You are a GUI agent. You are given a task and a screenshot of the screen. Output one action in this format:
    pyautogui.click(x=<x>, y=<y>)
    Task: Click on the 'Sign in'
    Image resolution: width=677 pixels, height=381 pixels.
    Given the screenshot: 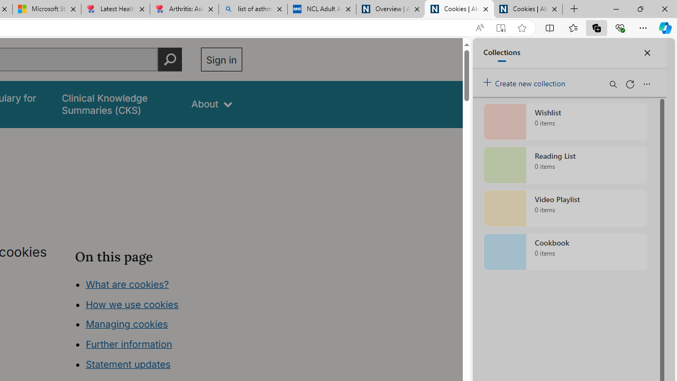 What is the action you would take?
    pyautogui.click(x=221, y=59)
    